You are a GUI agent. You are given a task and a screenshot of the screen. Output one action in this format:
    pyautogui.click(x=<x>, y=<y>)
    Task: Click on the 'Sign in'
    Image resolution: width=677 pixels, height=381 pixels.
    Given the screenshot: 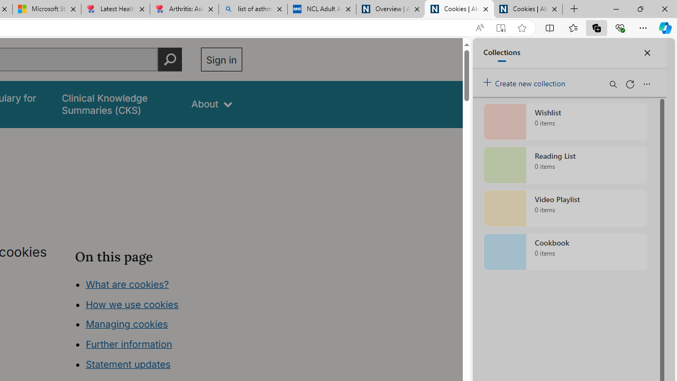 What is the action you would take?
    pyautogui.click(x=221, y=59)
    